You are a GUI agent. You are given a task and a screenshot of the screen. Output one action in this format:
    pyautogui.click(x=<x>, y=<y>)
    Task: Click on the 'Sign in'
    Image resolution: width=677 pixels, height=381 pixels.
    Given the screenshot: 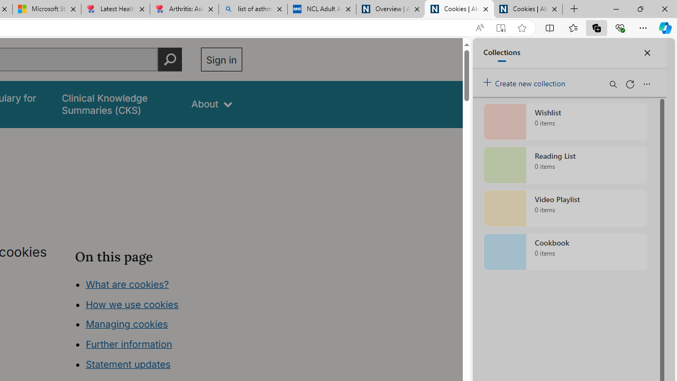 What is the action you would take?
    pyautogui.click(x=221, y=59)
    